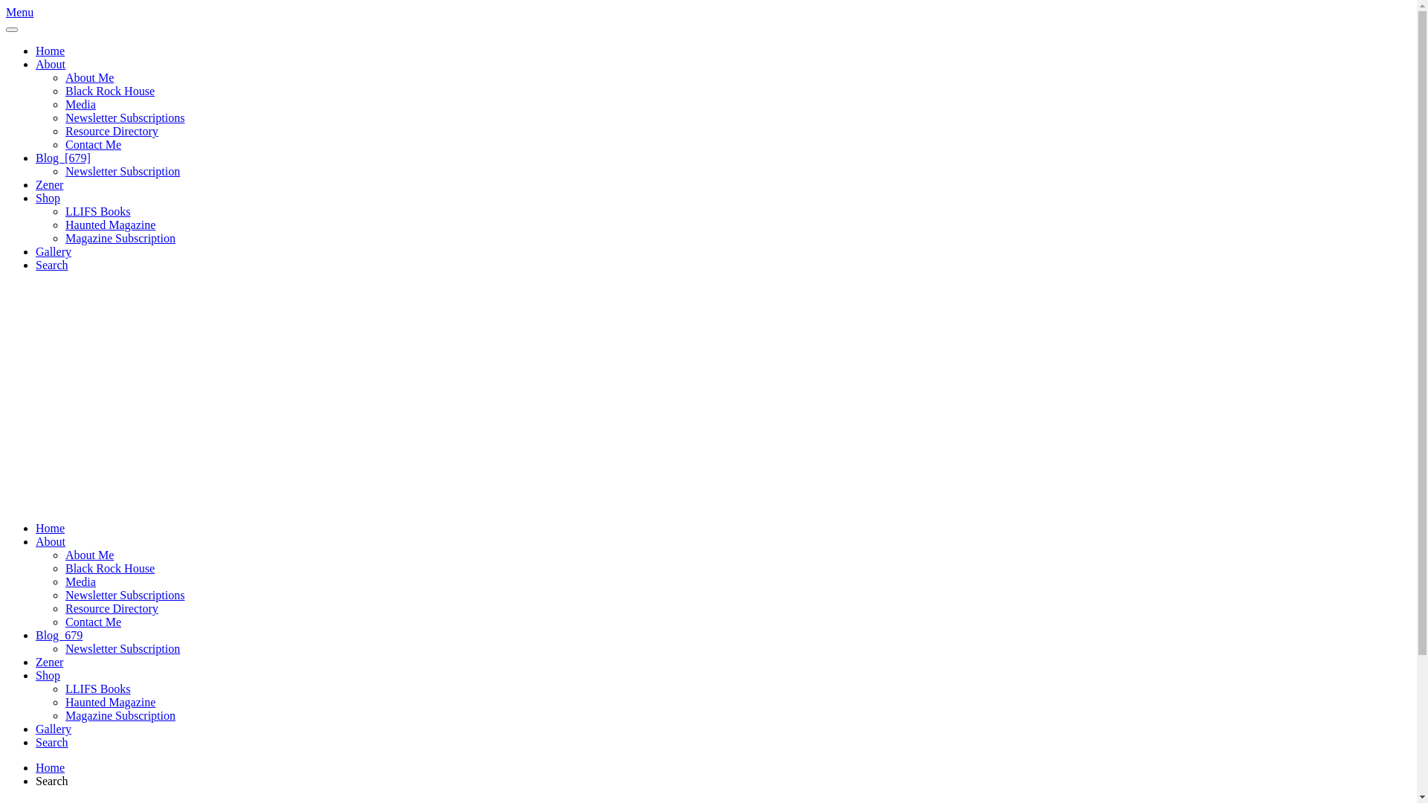 This screenshot has height=803, width=1428. Describe the element at coordinates (19, 12) in the screenshot. I see `'Menu'` at that location.